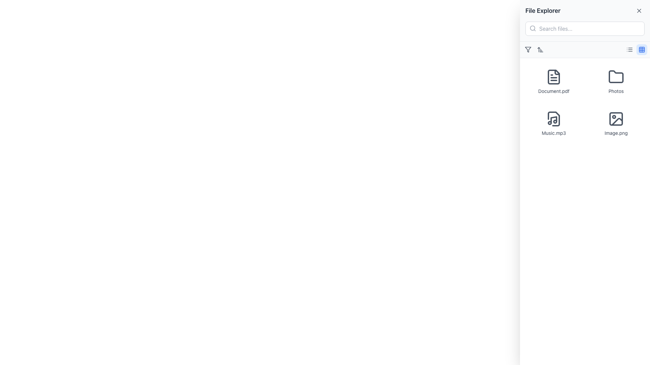 The width and height of the screenshot is (650, 365). What do you see at coordinates (629, 49) in the screenshot?
I see `the button with a horizontal list icon, styled with a light gray background and rounded corners, located at the right end of the horizontal navigation bar to switch to list view` at bounding box center [629, 49].